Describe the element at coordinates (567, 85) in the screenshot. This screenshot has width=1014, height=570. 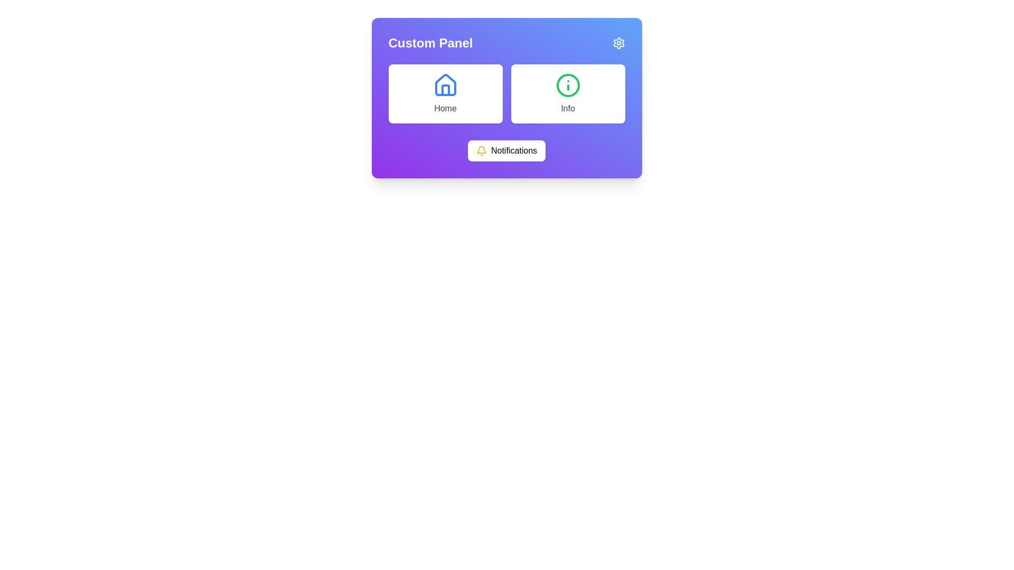
I see `the green circular icon with an 'i' symbol, located in the 'Info' section of the interface` at that location.